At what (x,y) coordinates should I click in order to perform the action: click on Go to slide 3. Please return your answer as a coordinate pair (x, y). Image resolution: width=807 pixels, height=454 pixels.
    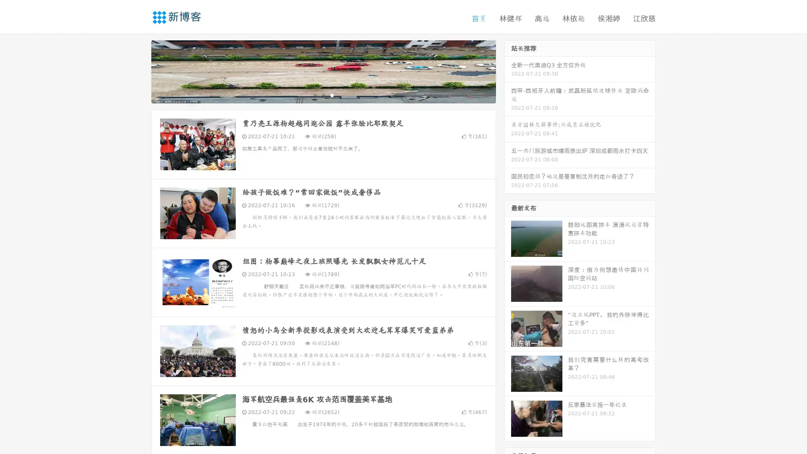
    Looking at the image, I should click on (332, 95).